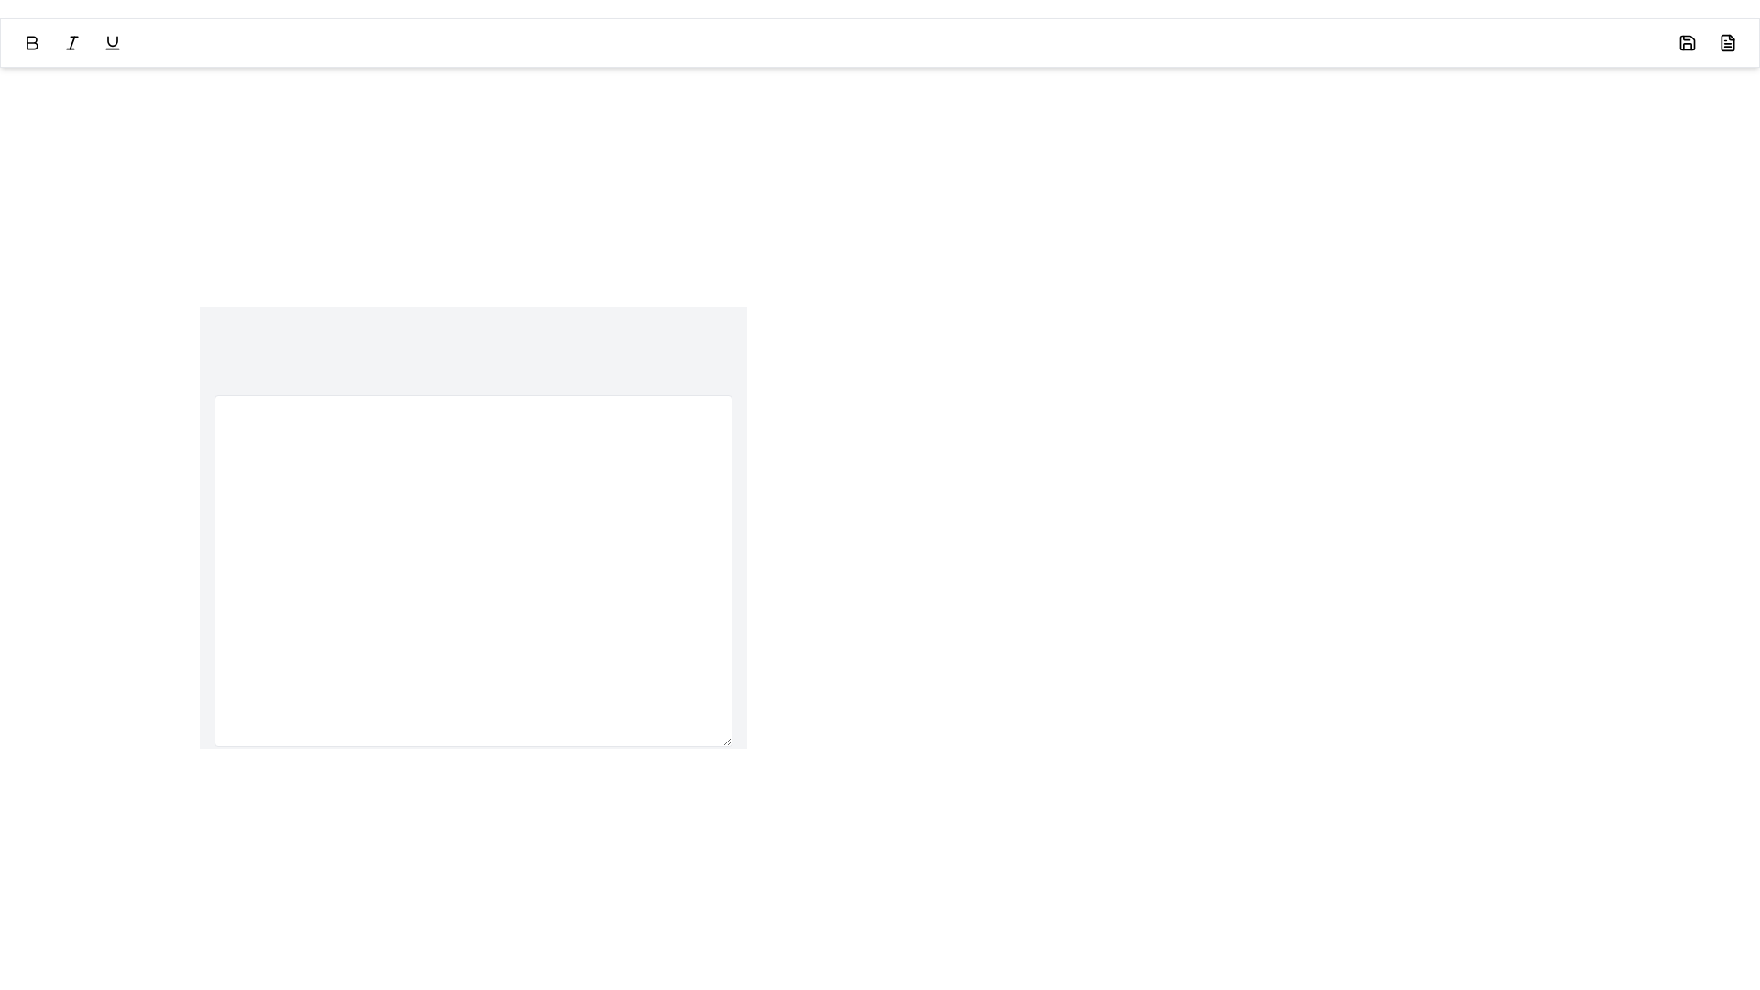 This screenshot has height=990, width=1760. What do you see at coordinates (31, 41) in the screenshot?
I see `the bold icon represented by a stylized 'B' in black, located in the top toolbar` at bounding box center [31, 41].